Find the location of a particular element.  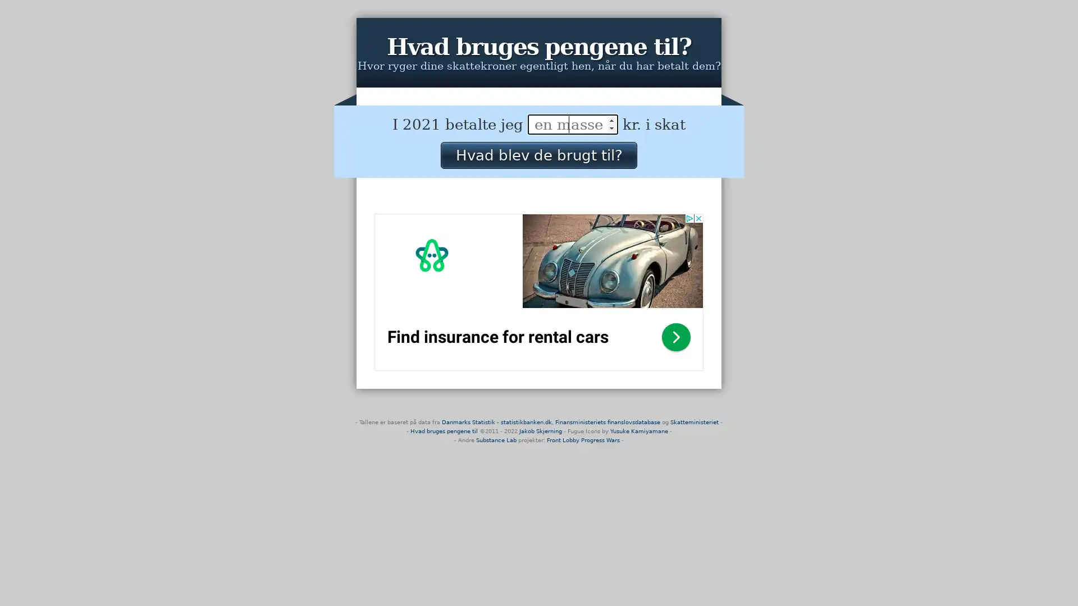

Hvad blev de brugt til? is located at coordinates (538, 155).